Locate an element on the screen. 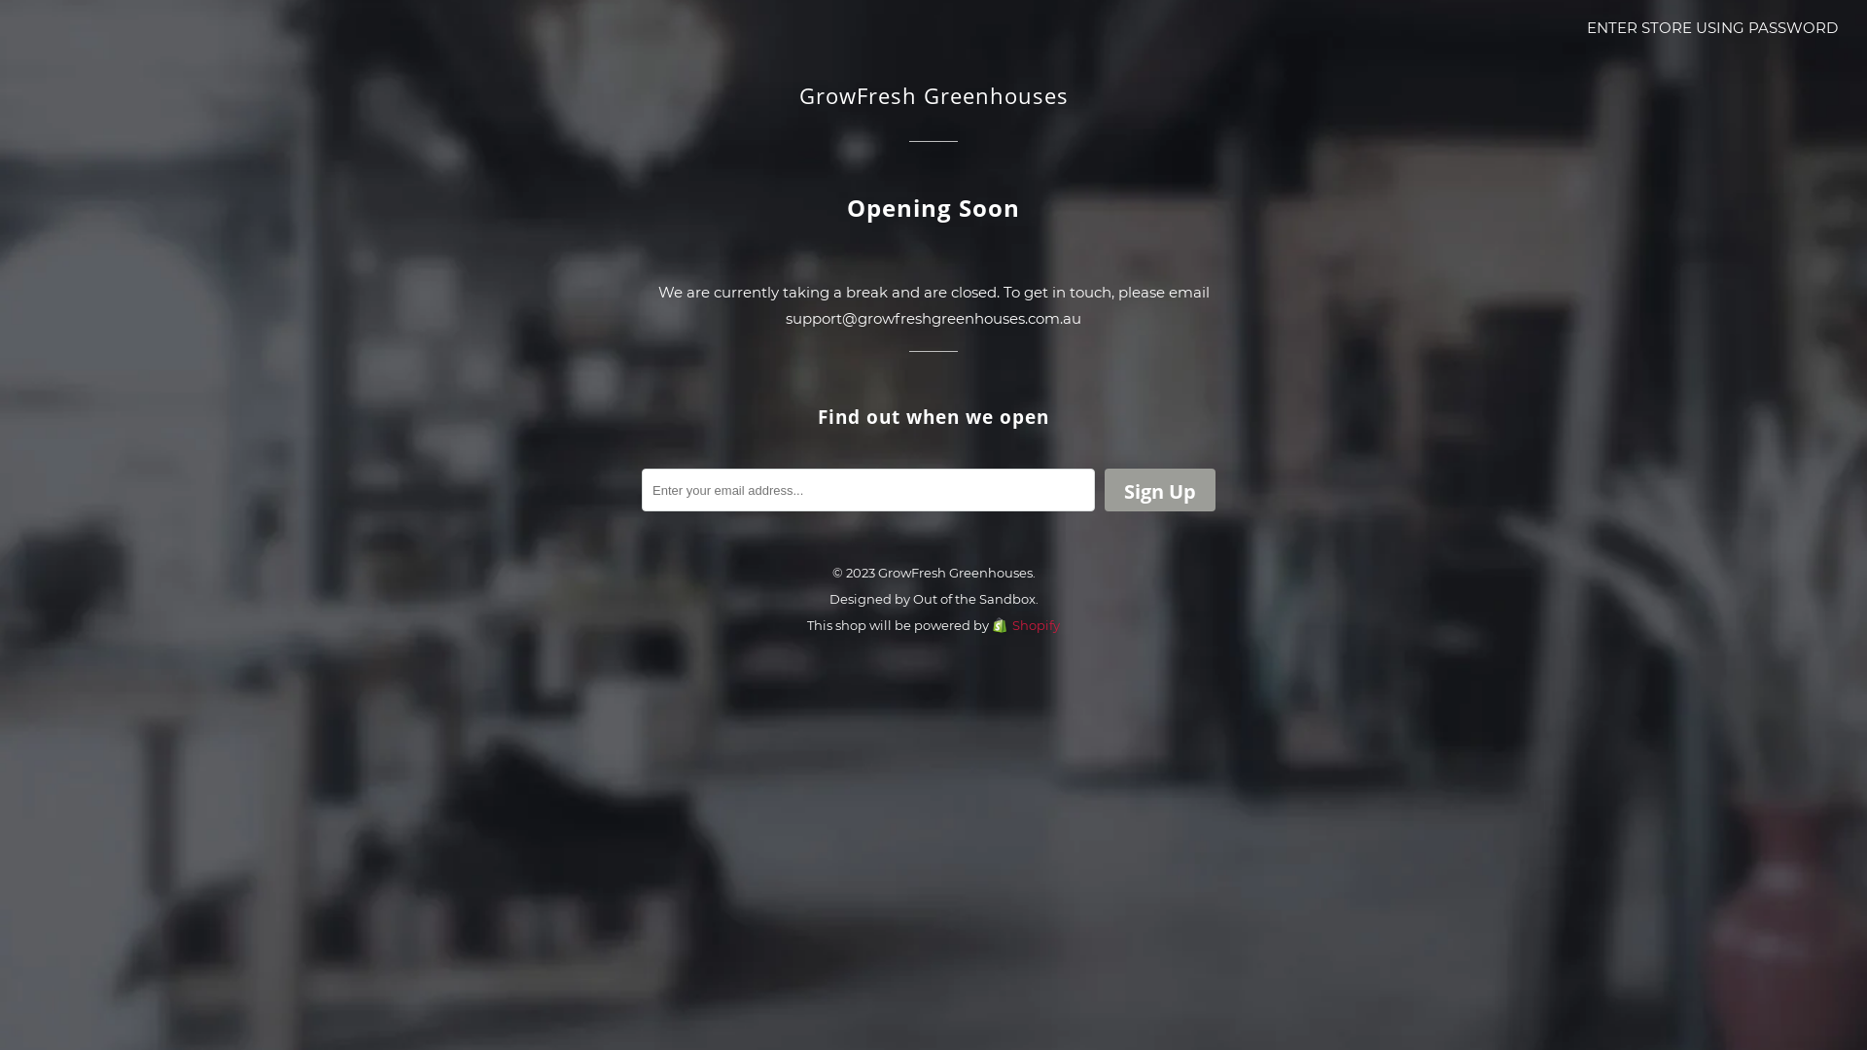 This screenshot has width=1867, height=1050. 'Out of the Sandbox' is located at coordinates (973, 598).